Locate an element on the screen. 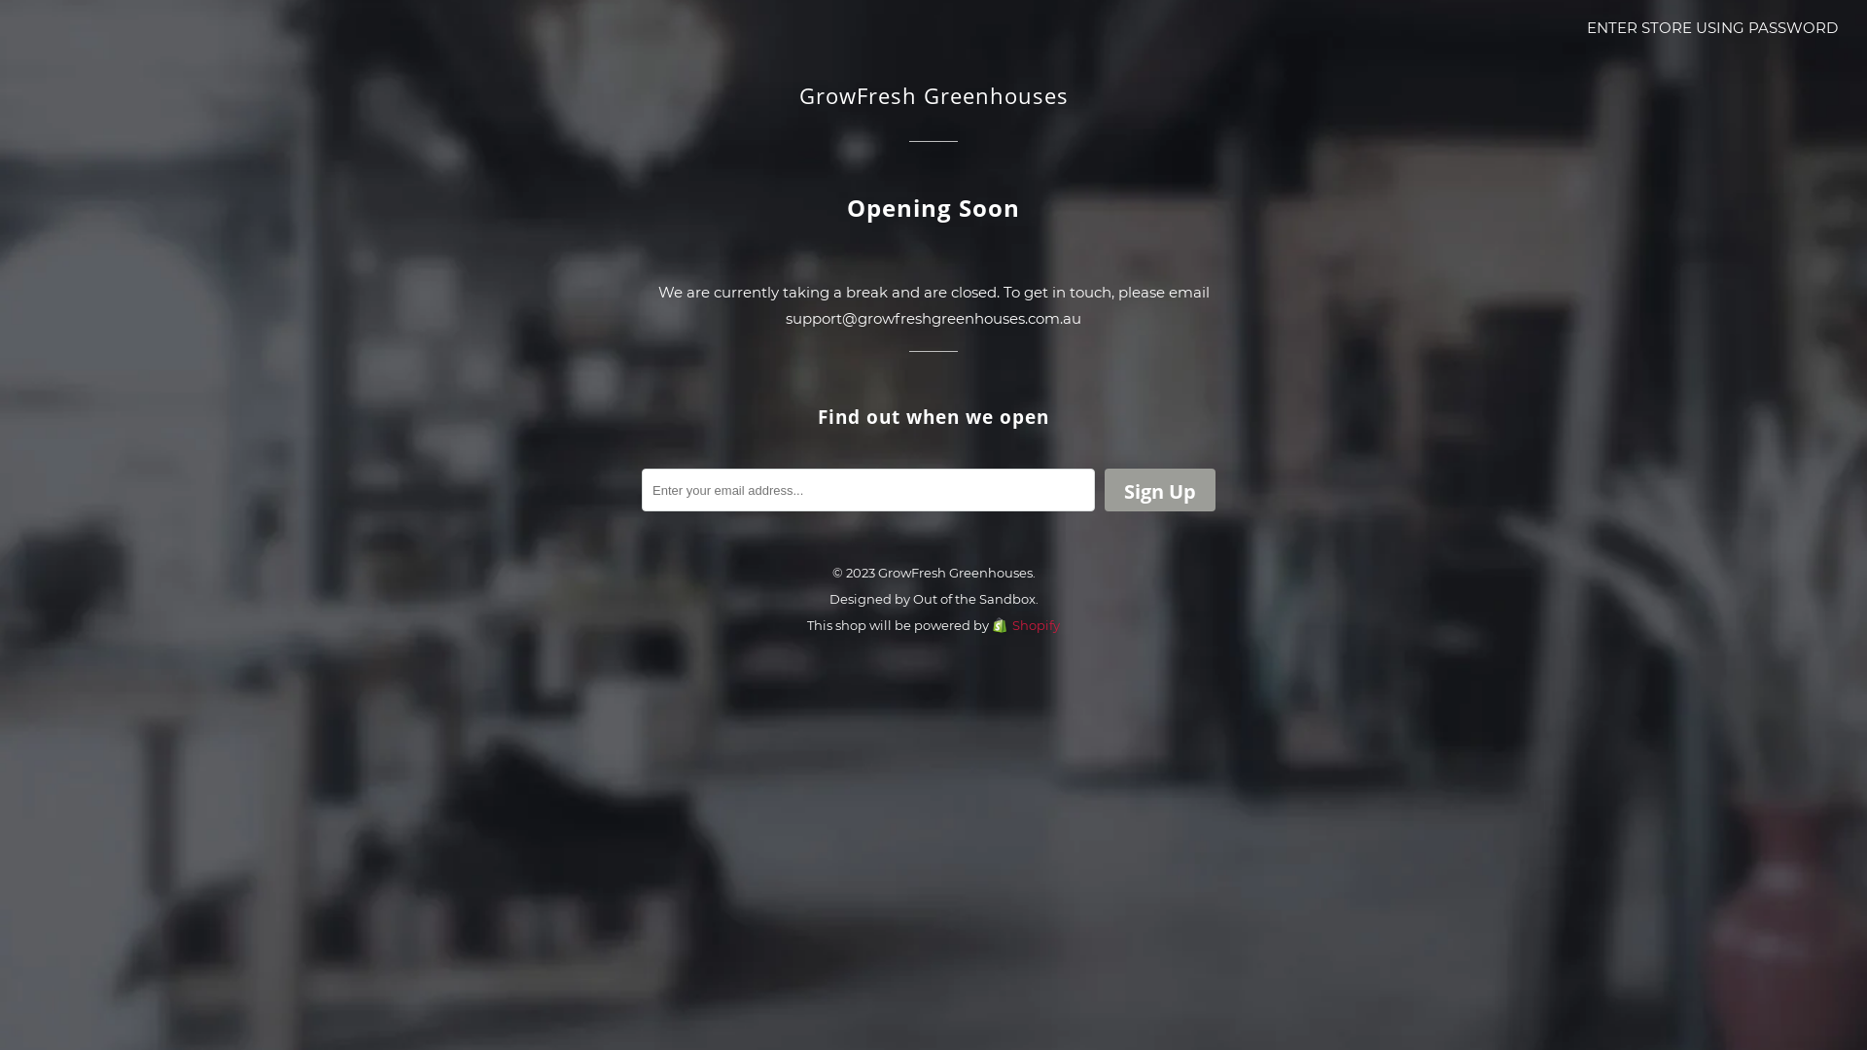 This screenshot has width=1867, height=1050. 'Out of the Sandbox' is located at coordinates (973, 598).